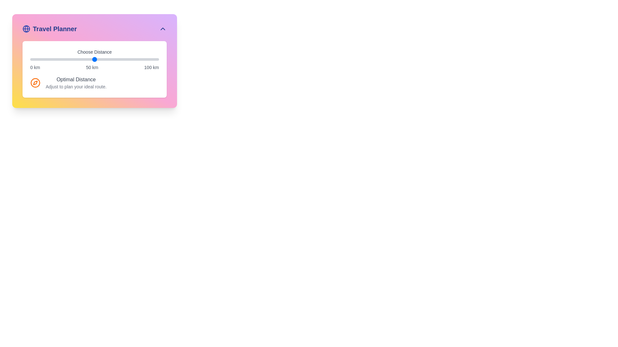 Image resolution: width=618 pixels, height=347 pixels. Describe the element at coordinates (125, 59) in the screenshot. I see `the slider` at that location.